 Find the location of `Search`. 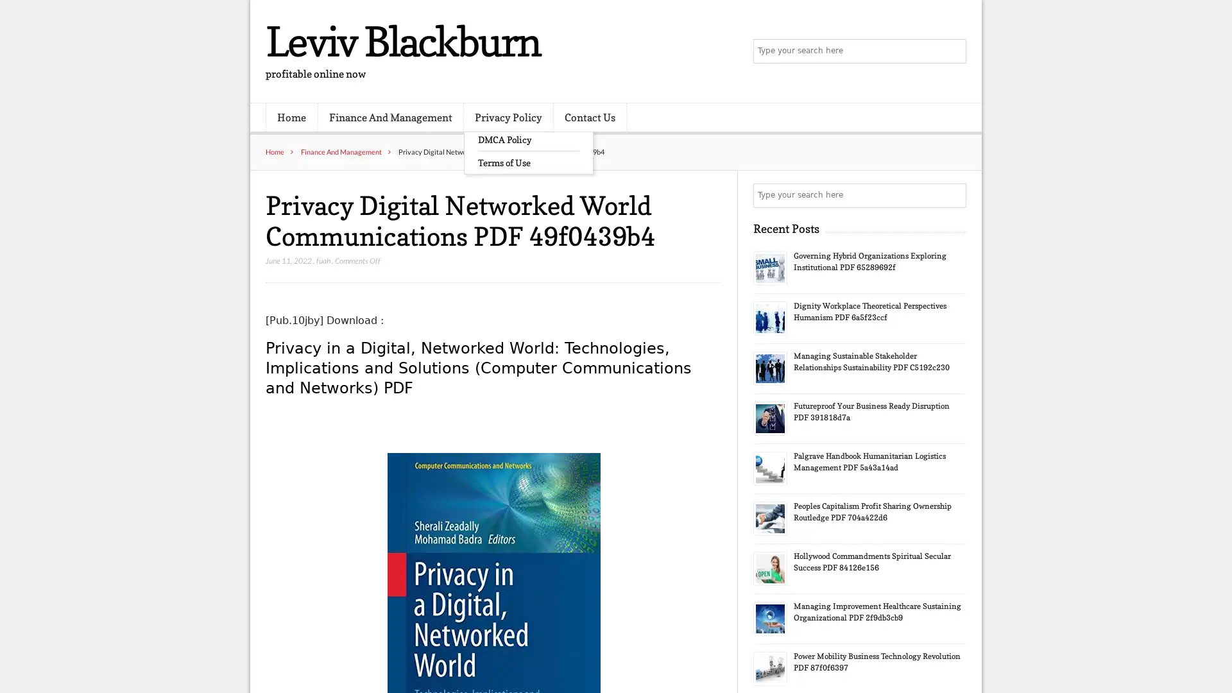

Search is located at coordinates (953, 51).